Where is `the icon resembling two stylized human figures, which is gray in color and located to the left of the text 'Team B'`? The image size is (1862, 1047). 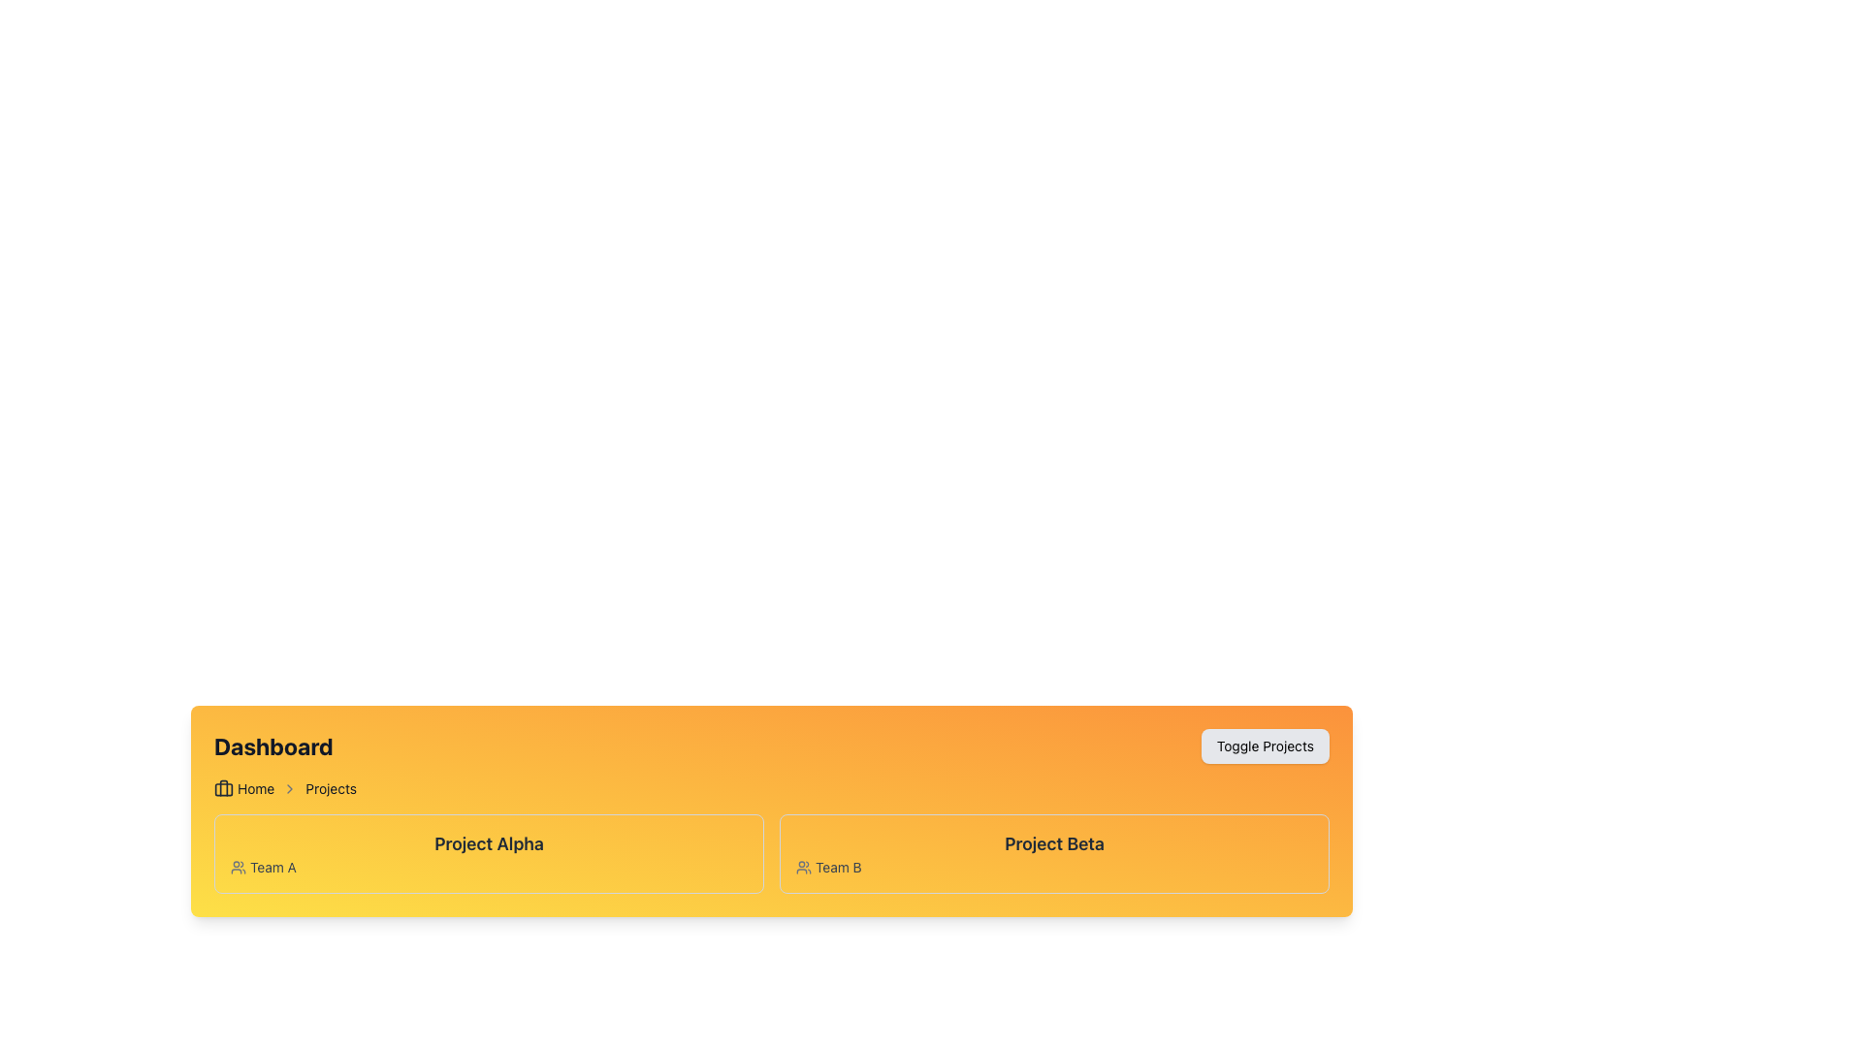
the icon resembling two stylized human figures, which is gray in color and located to the left of the text 'Team B' is located at coordinates (804, 866).